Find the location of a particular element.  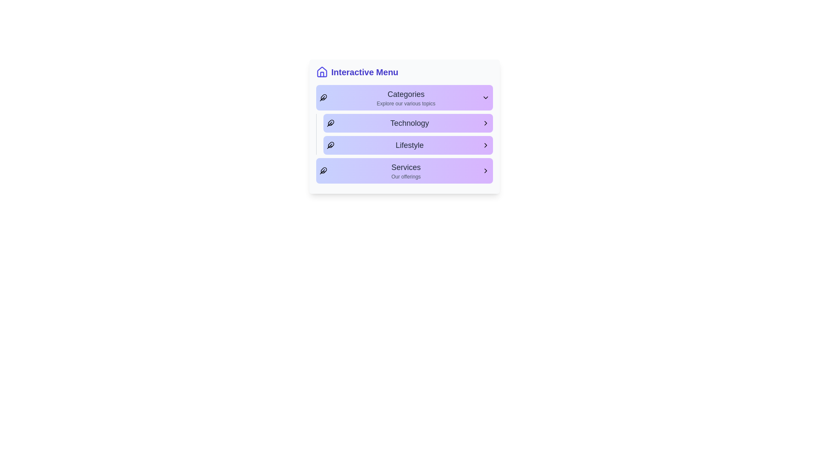

the home icon located in the upper-left corner of the interactive menu's header to highlight the menu is located at coordinates (321, 71).